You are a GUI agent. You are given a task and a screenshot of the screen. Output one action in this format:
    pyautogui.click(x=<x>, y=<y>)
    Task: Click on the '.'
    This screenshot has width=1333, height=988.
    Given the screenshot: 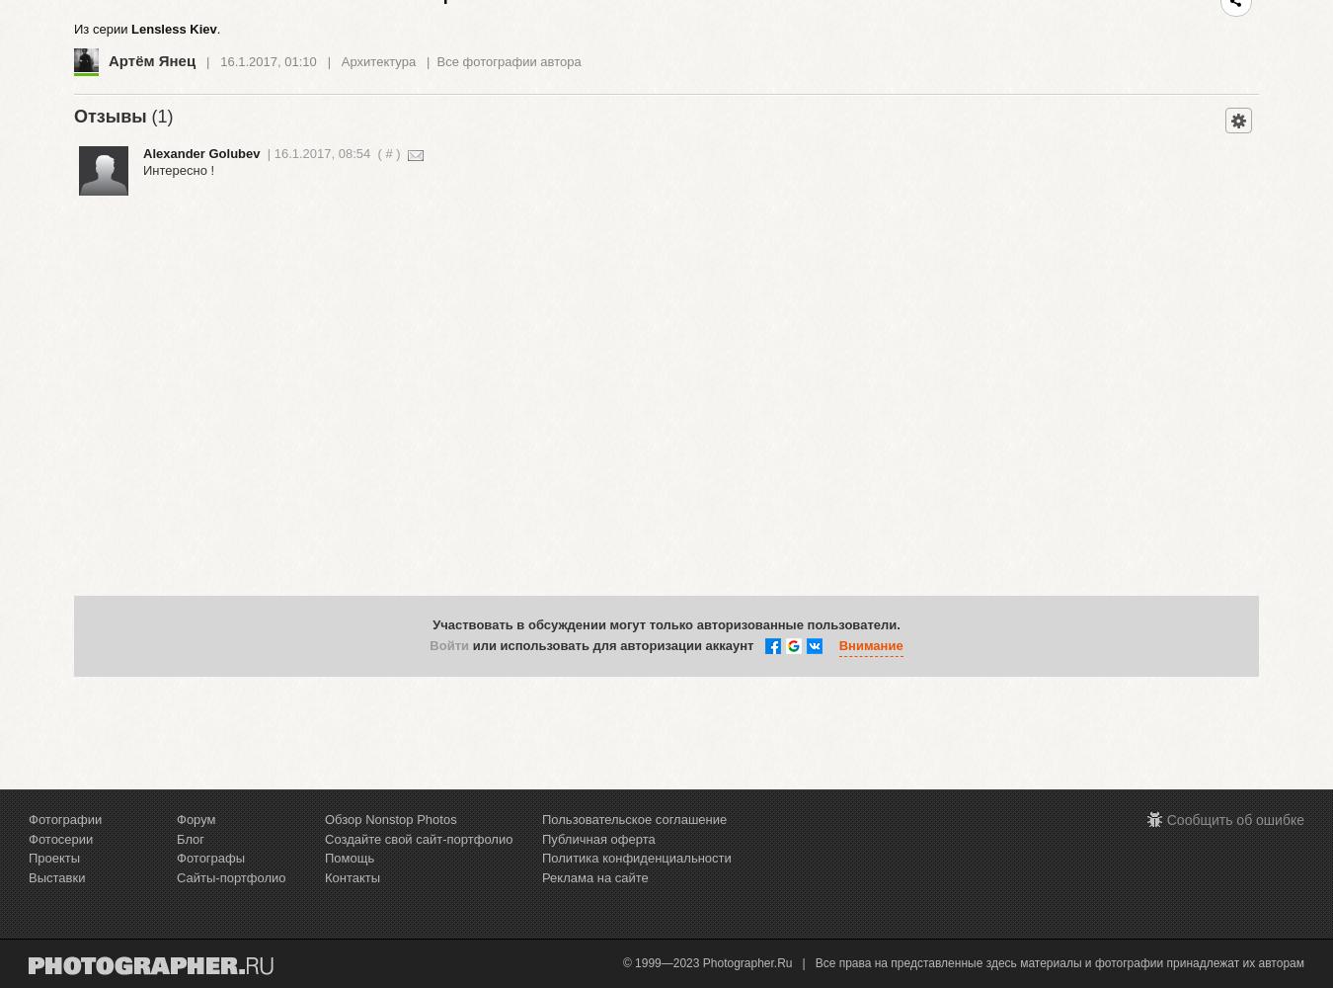 What is the action you would take?
    pyautogui.click(x=215, y=29)
    